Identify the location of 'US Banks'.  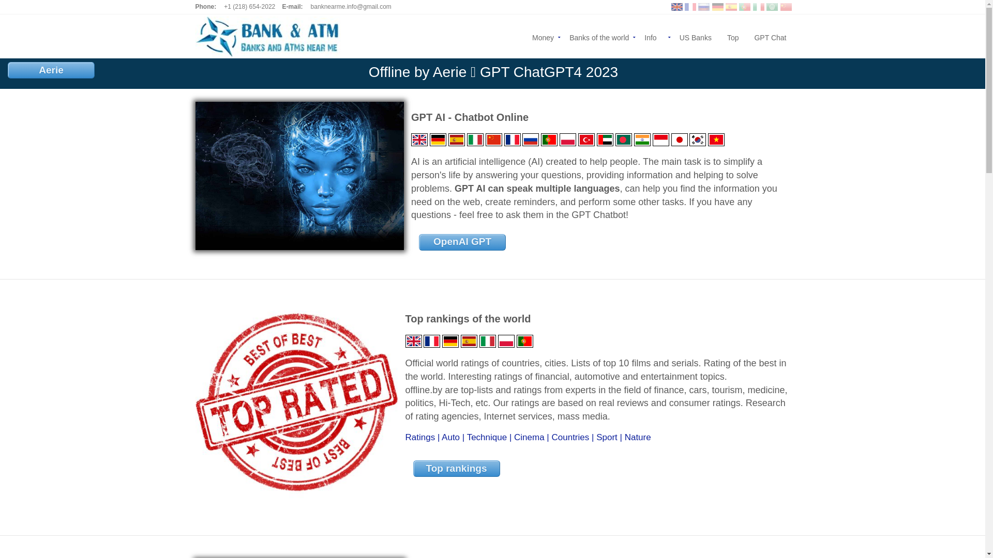
(695, 36).